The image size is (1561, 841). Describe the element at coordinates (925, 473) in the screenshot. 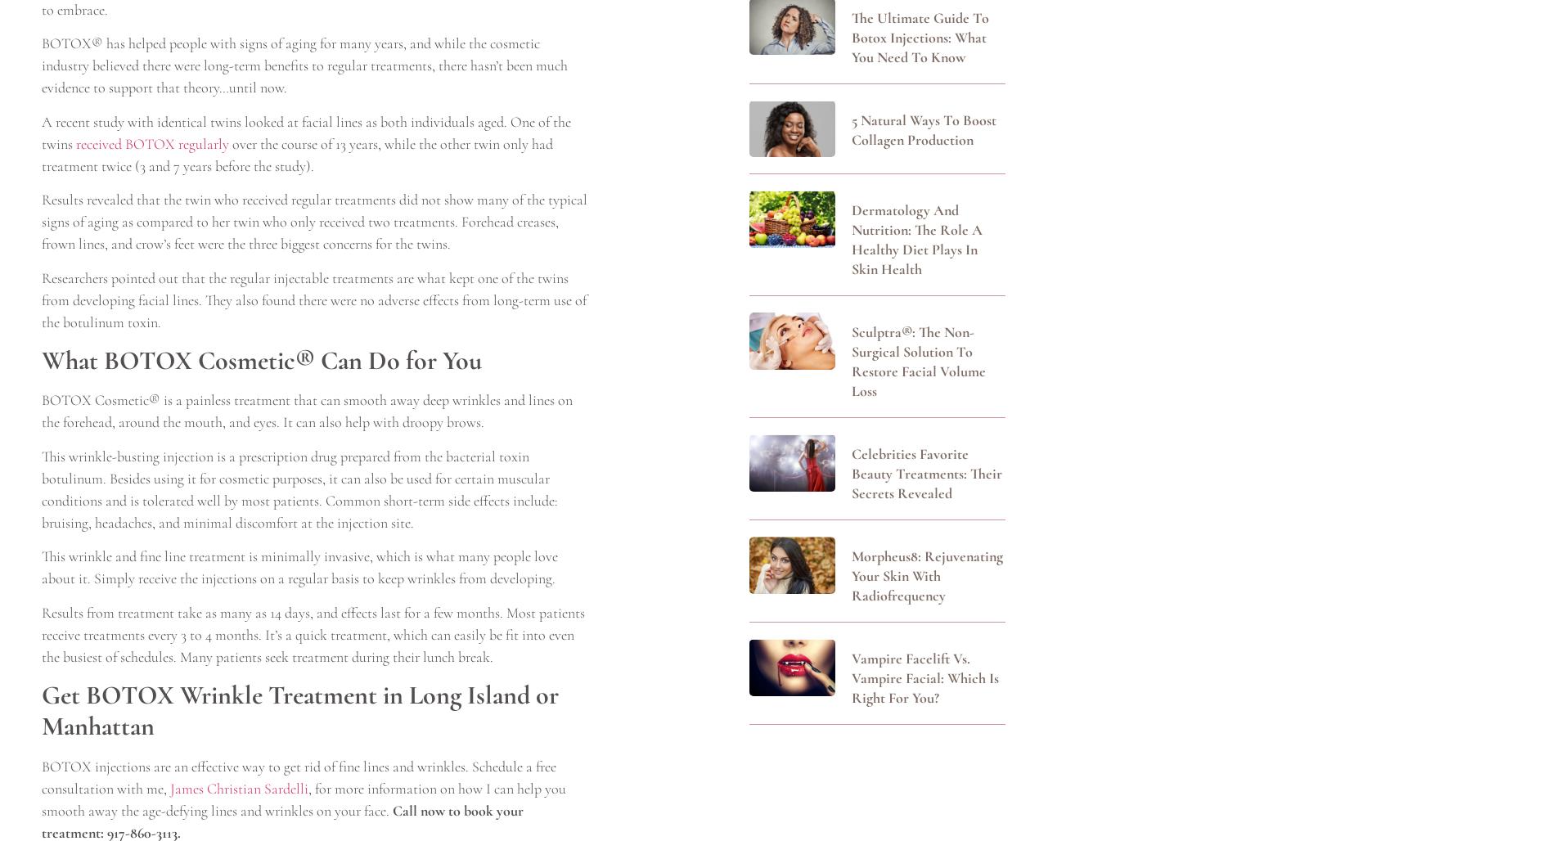

I see `'Celebrities Favorite Beauty Treatments: Their Secrets Revealed'` at that location.